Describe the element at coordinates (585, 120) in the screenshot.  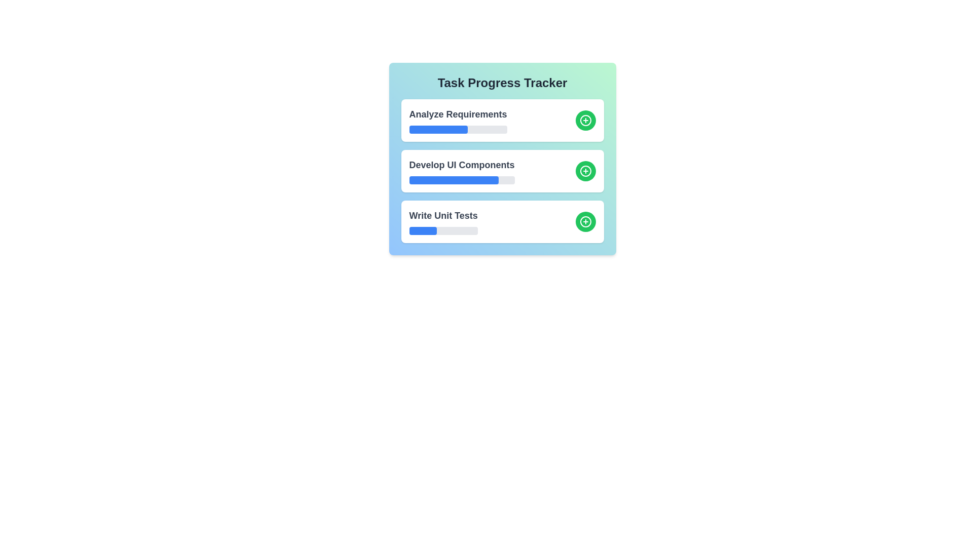
I see `'+' button for the task 'Analyze Requirements' to increase its progress` at that location.